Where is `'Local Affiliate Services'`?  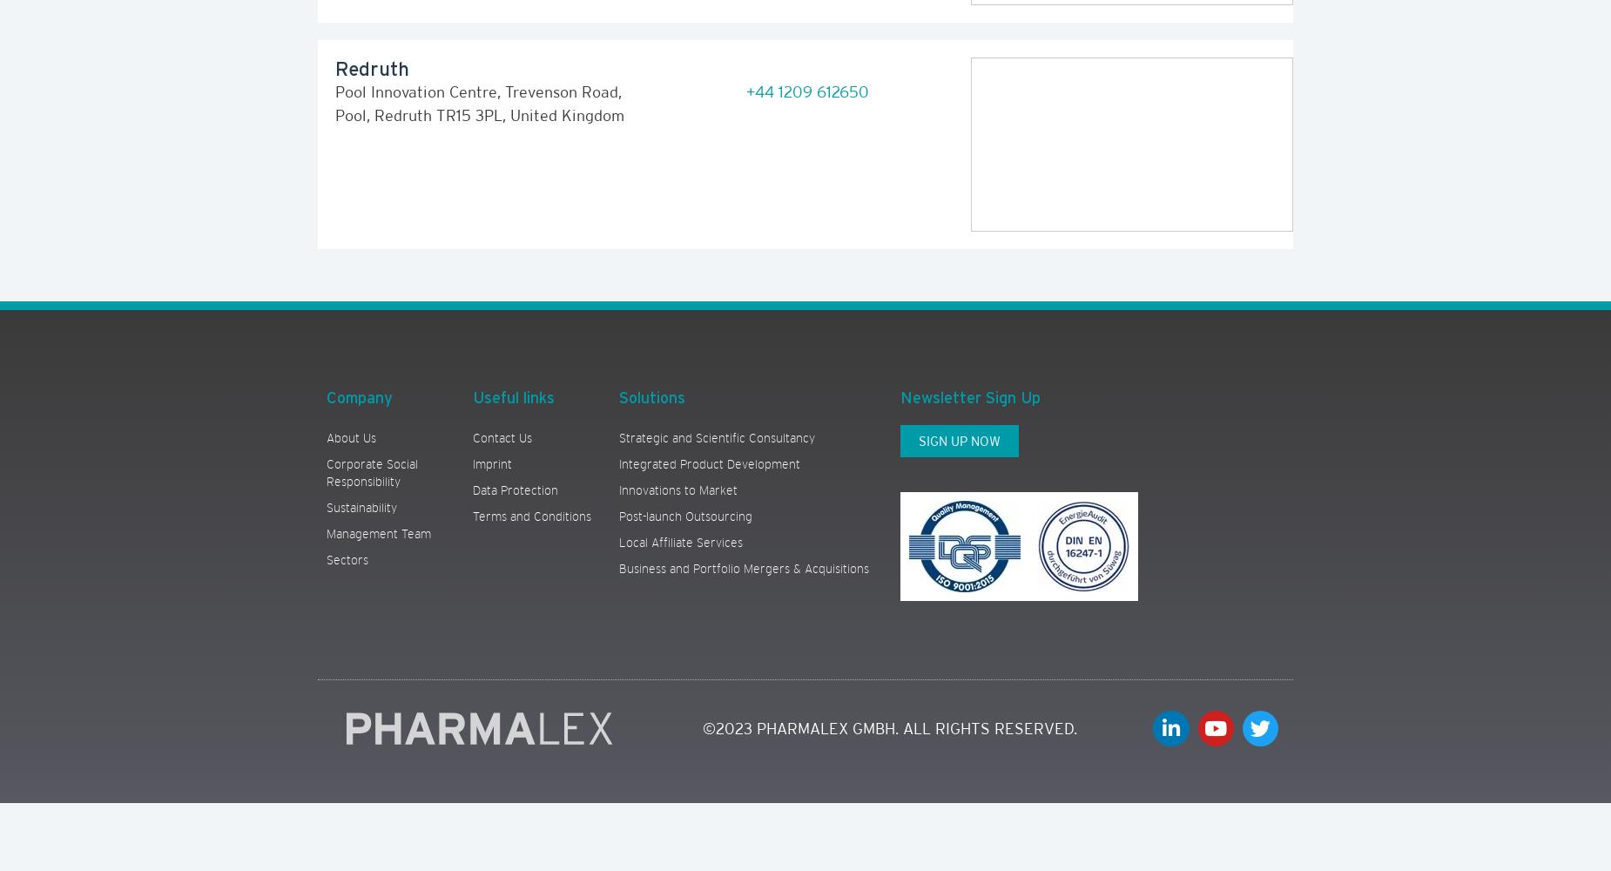
'Local Affiliate Services' is located at coordinates (680, 542).